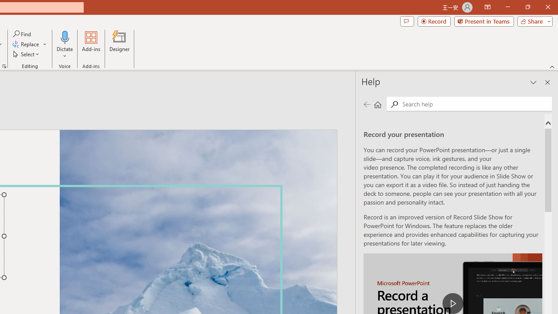 The image size is (558, 314). Describe the element at coordinates (65, 53) in the screenshot. I see `'More Options'` at that location.